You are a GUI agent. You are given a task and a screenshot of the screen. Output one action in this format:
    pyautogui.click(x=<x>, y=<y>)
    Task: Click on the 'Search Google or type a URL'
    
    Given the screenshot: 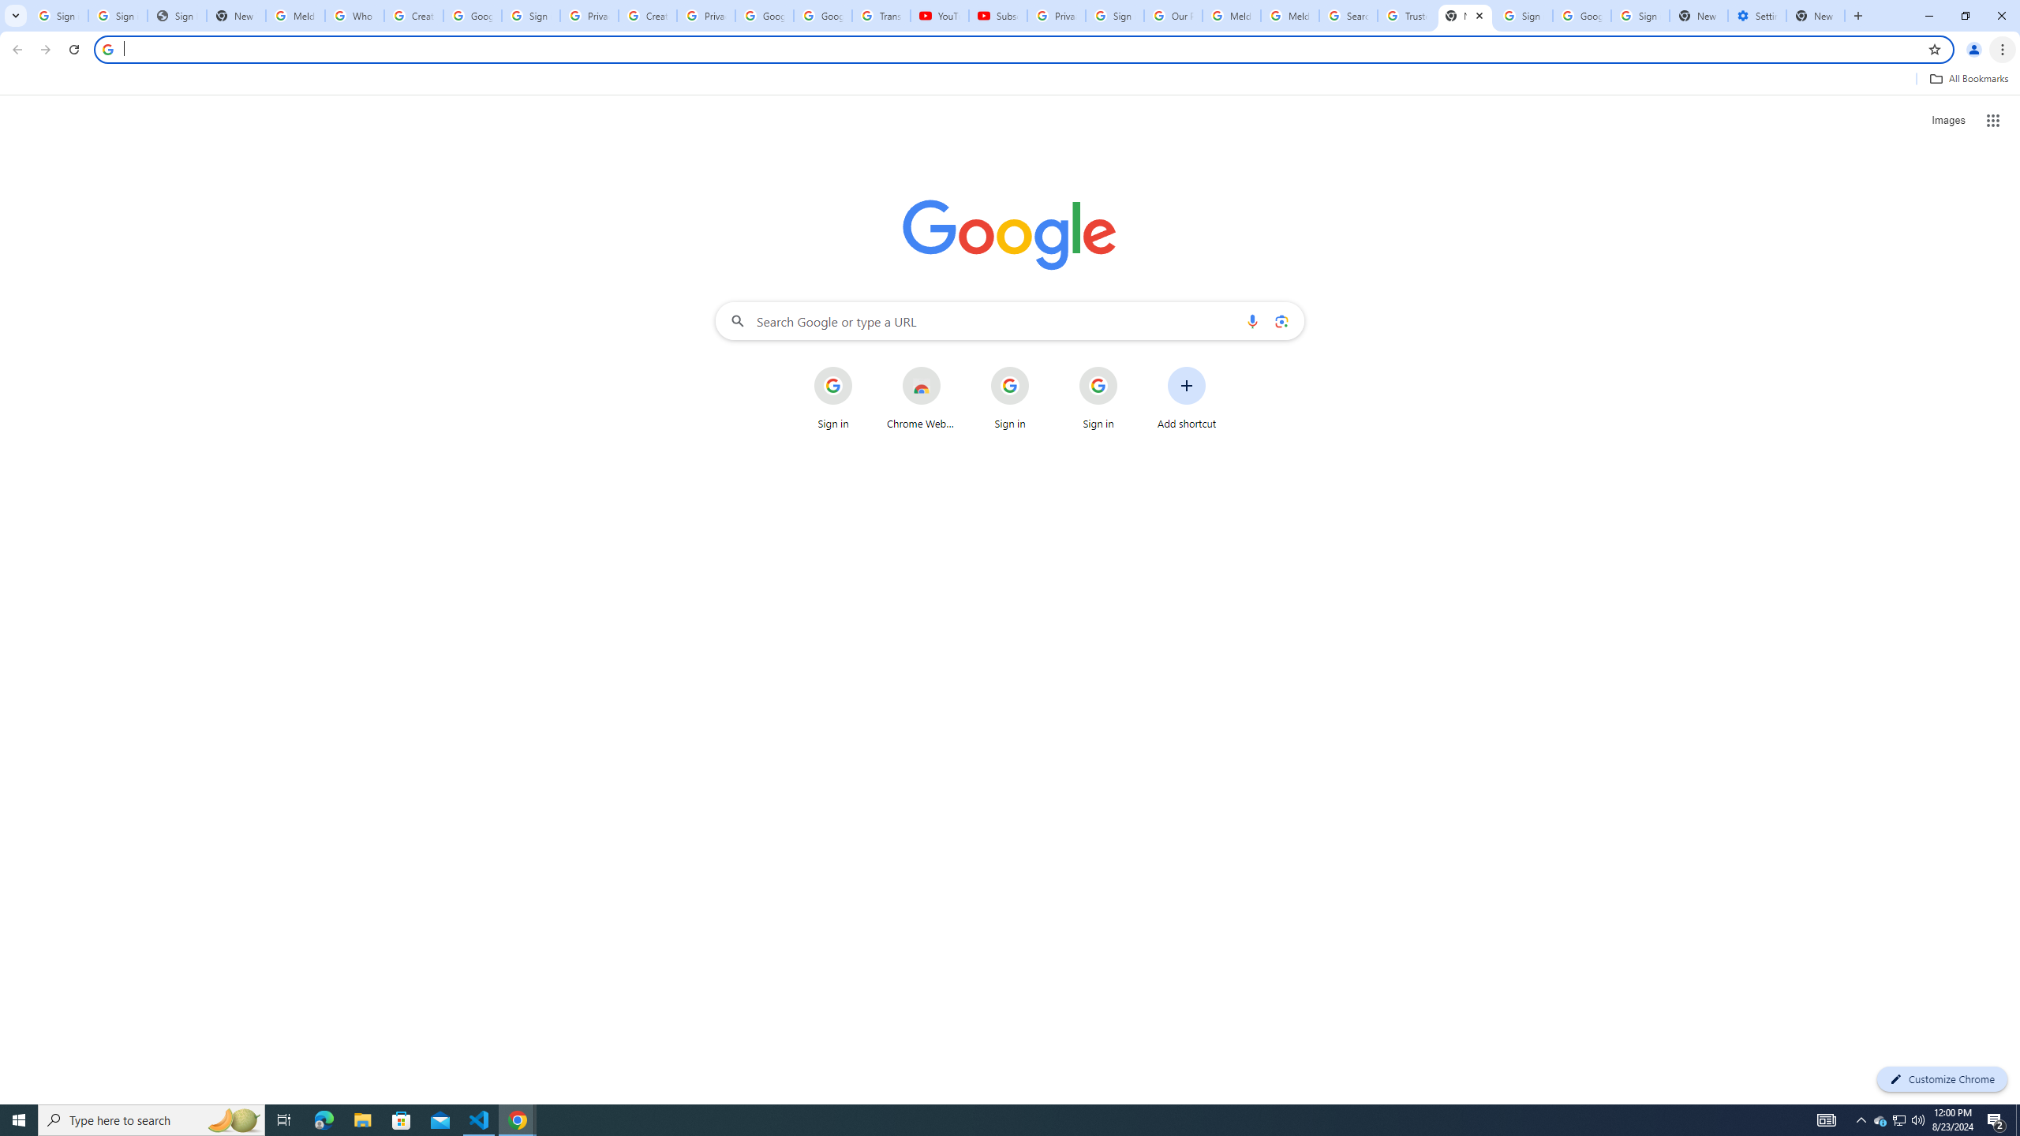 What is the action you would take?
    pyautogui.click(x=1010, y=319)
    